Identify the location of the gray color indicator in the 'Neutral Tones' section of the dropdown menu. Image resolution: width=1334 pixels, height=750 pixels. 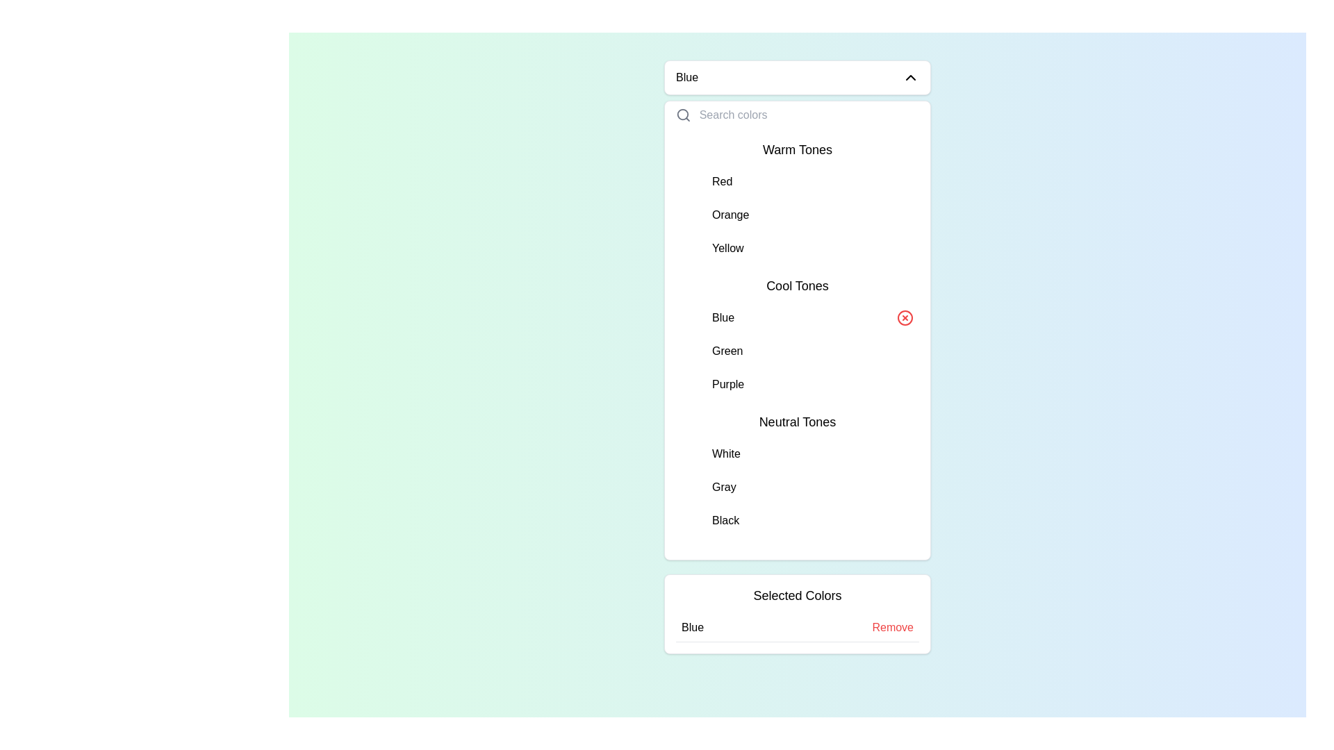
(693, 487).